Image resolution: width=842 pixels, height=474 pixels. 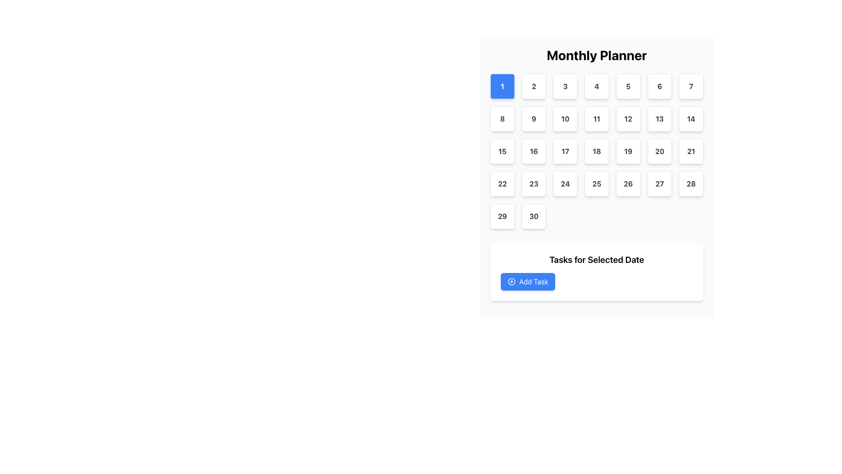 What do you see at coordinates (691, 86) in the screenshot?
I see `the button labeled '7' which is a square-shaped component with rounded corners in a calendar interface` at bounding box center [691, 86].